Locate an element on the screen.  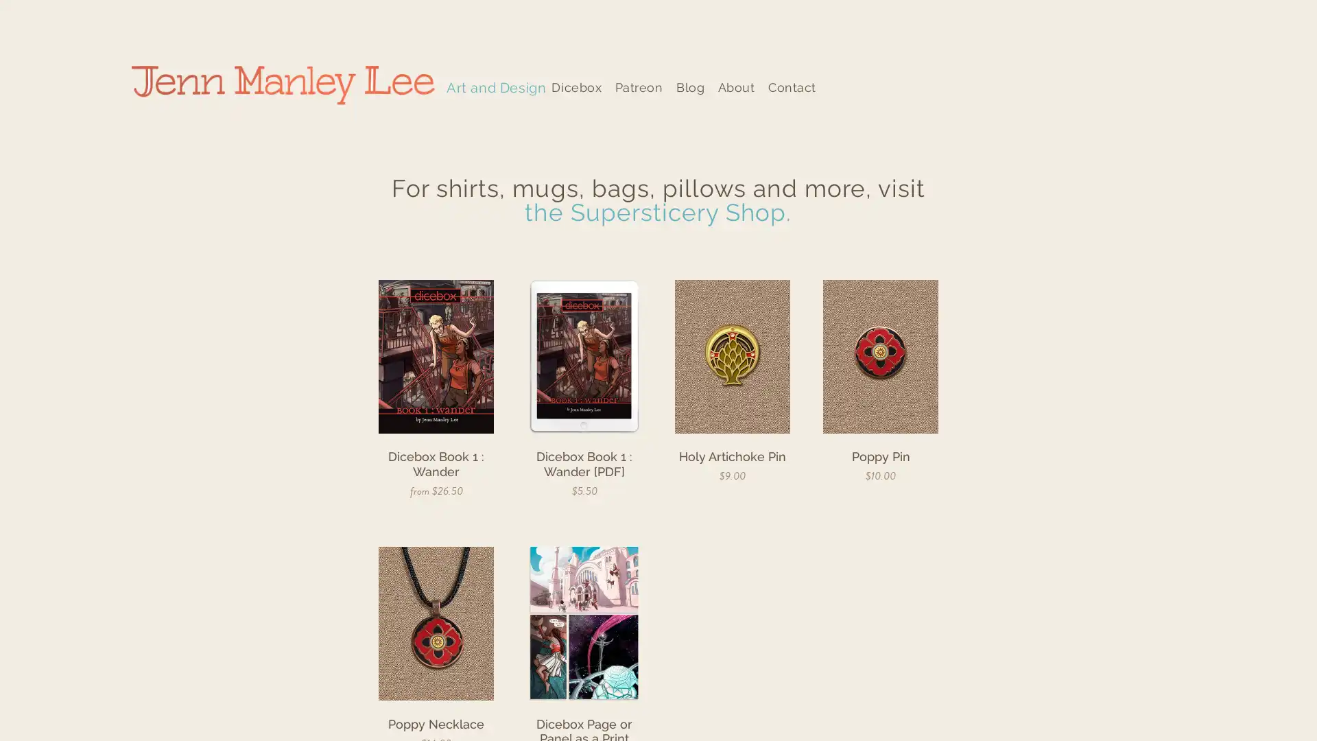
QUICK VIEW is located at coordinates (880, 455).